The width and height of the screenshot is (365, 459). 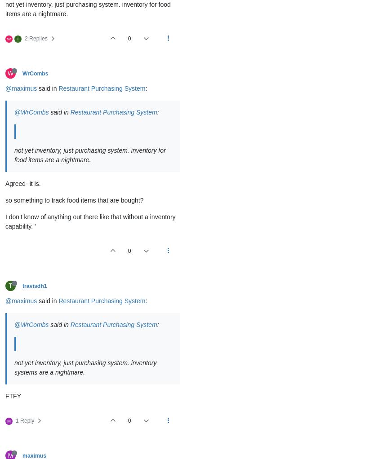 What do you see at coordinates (34, 286) in the screenshot?
I see `'travisdh1'` at bounding box center [34, 286].